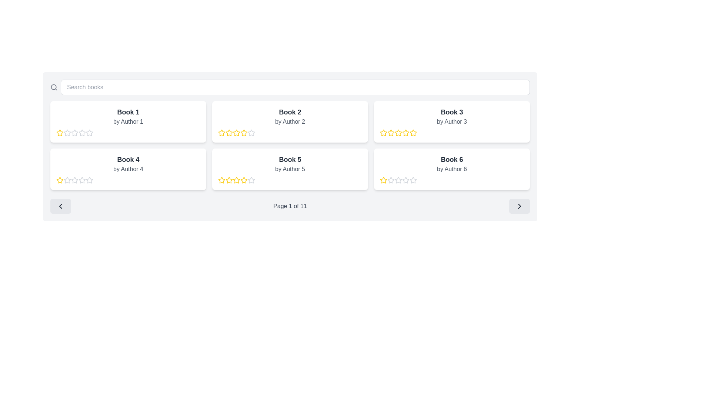 The image size is (711, 400). Describe the element at coordinates (82, 132) in the screenshot. I see `the second star icon in the five-star rating system for 'Book 1' by Author 1, located in the top-left section of the interface` at that location.